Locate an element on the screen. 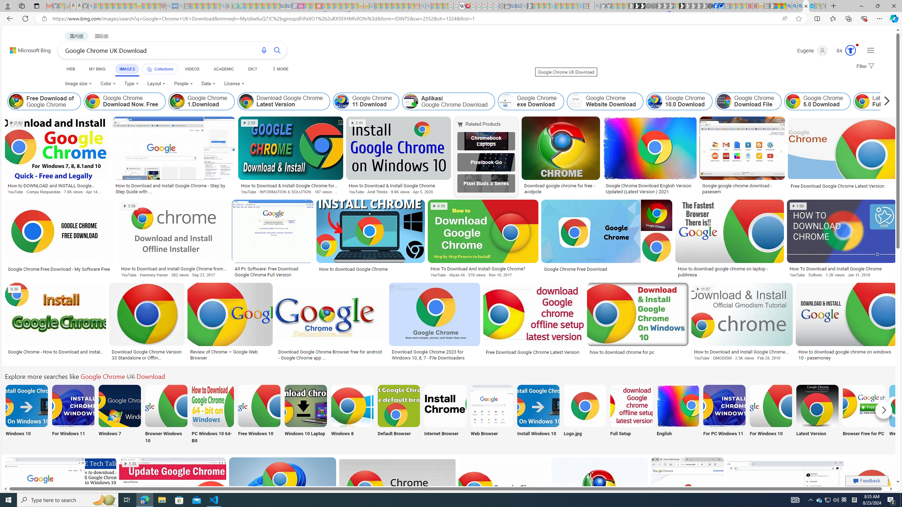 The image size is (902, 507). 'Image size' is located at coordinates (78, 83).